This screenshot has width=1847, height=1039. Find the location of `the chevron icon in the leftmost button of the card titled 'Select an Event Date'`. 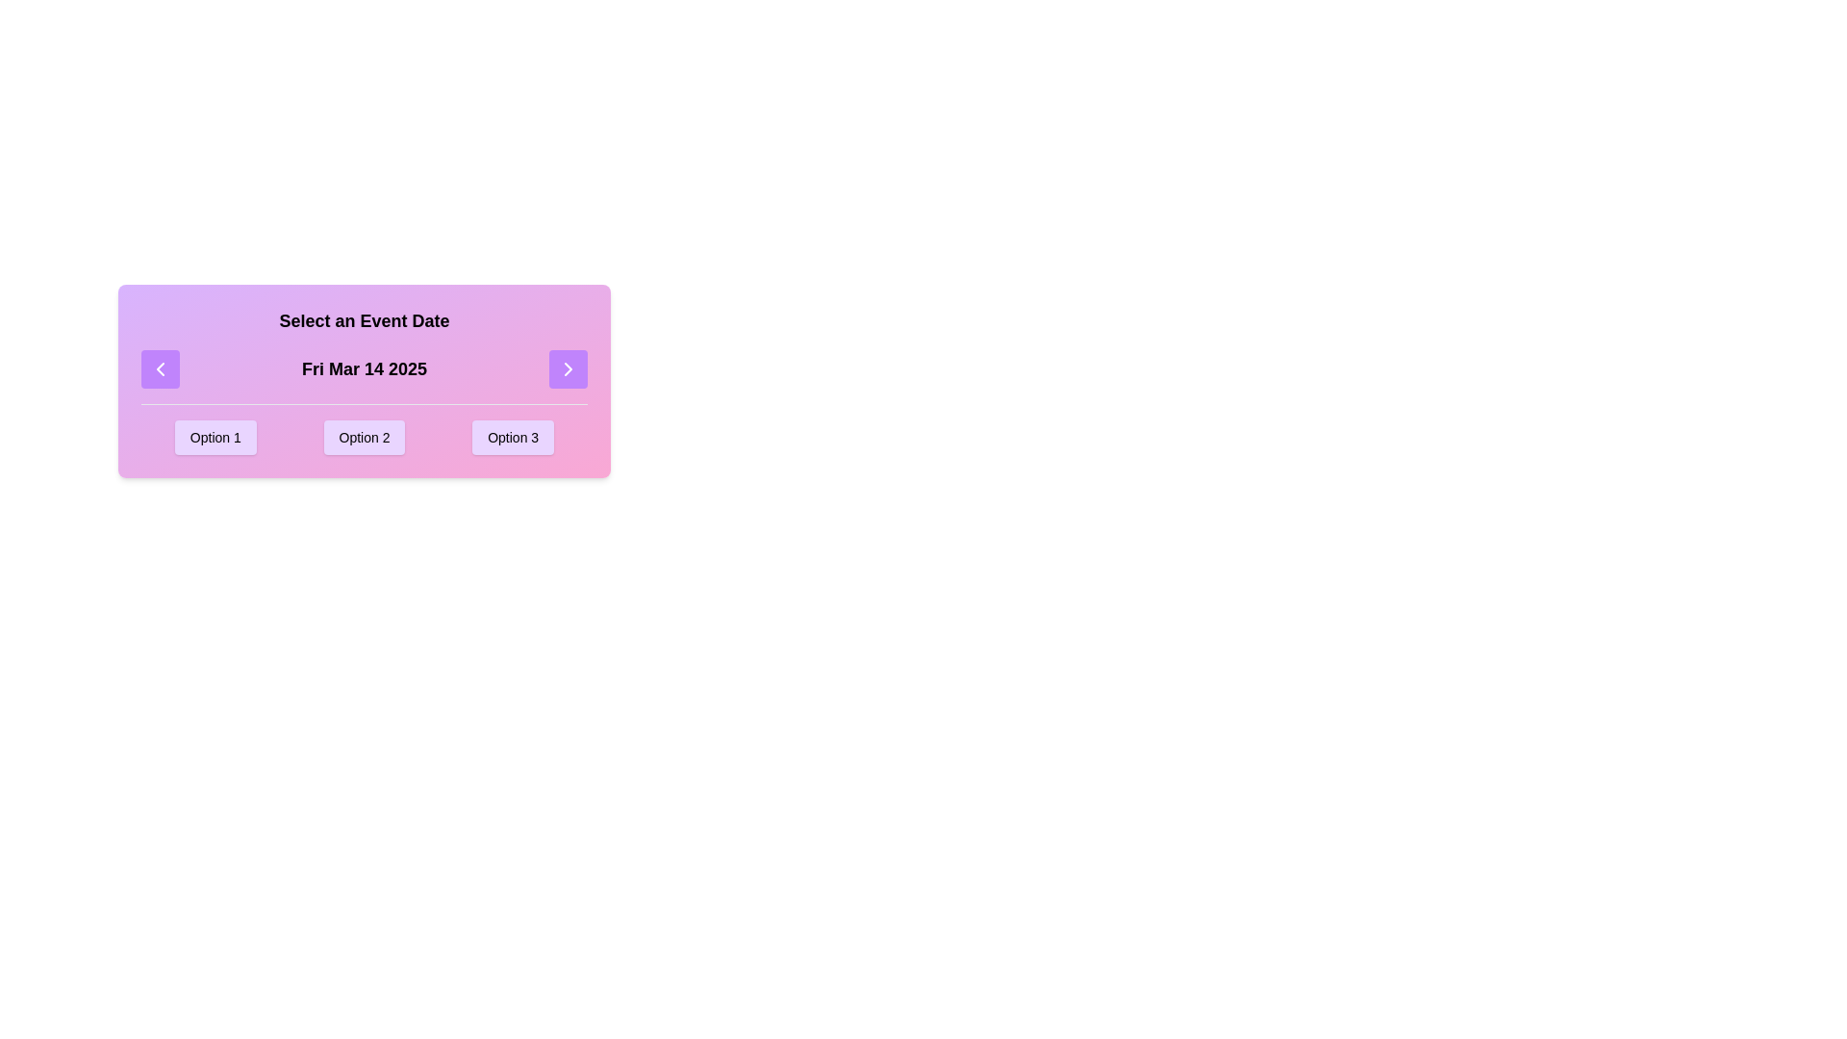

the chevron icon in the leftmost button of the card titled 'Select an Event Date' is located at coordinates (161, 369).